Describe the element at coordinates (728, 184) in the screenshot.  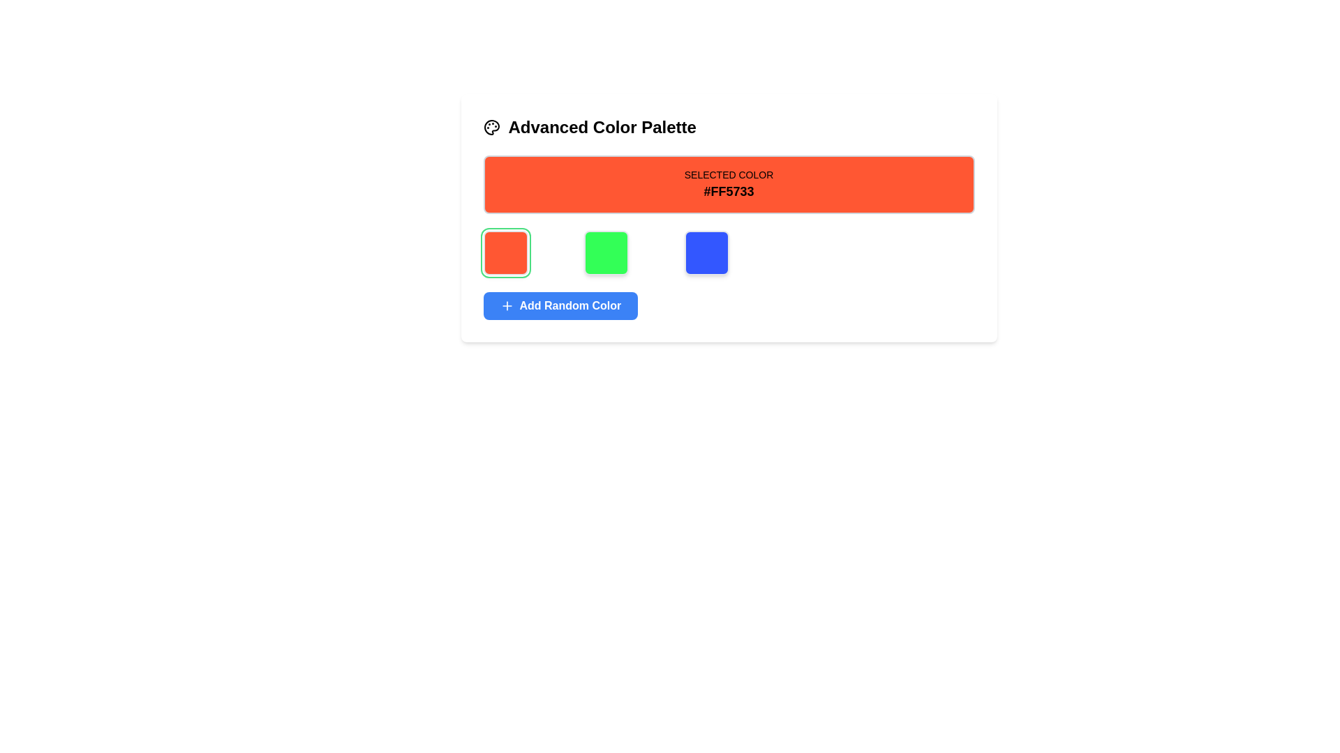
I see `the Display panel with the bright orange background that shows 'Selected Color' and '#FF5733' text` at that location.